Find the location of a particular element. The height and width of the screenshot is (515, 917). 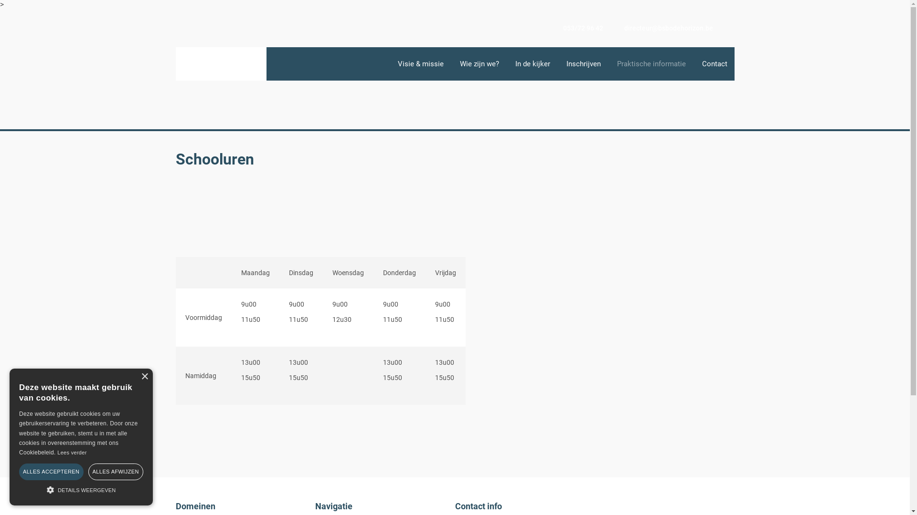

'Wie zijn we?' is located at coordinates (479, 64).